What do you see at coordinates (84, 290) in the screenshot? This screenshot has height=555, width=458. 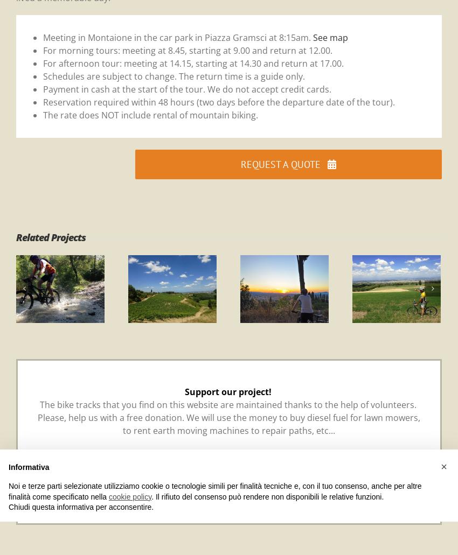 I see `'Montaione and its territory'` at bounding box center [84, 290].